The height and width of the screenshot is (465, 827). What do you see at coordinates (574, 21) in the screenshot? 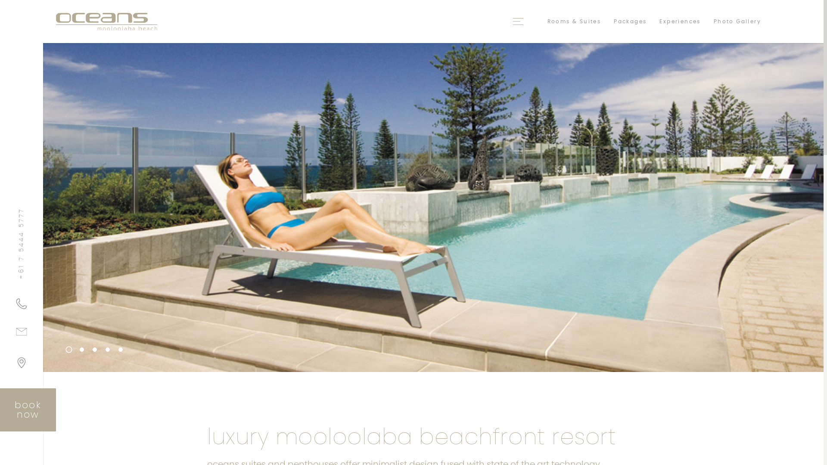
I see `'Rooms & Suites'` at bounding box center [574, 21].